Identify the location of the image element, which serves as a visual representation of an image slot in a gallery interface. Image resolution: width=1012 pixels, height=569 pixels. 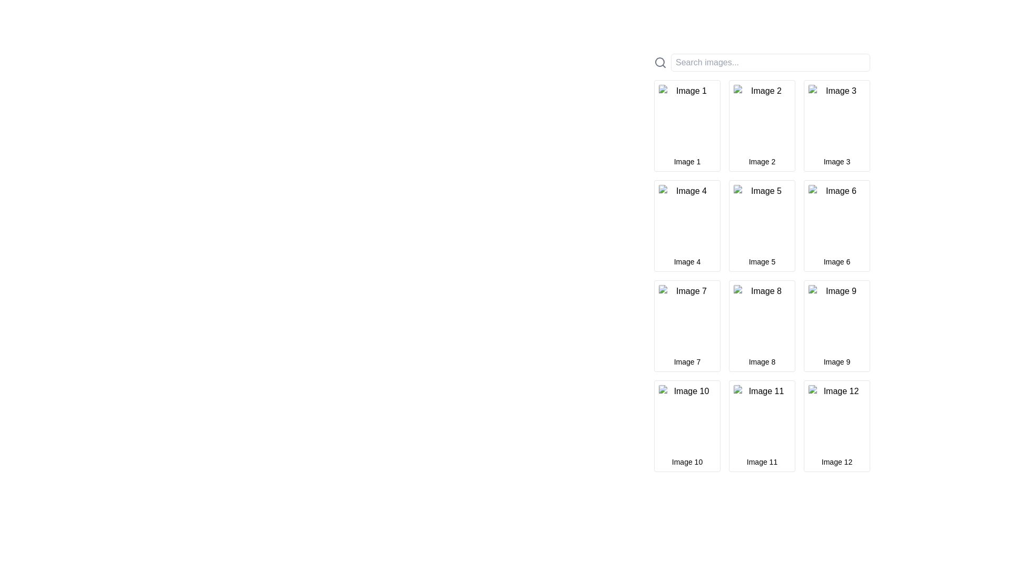
(762, 418).